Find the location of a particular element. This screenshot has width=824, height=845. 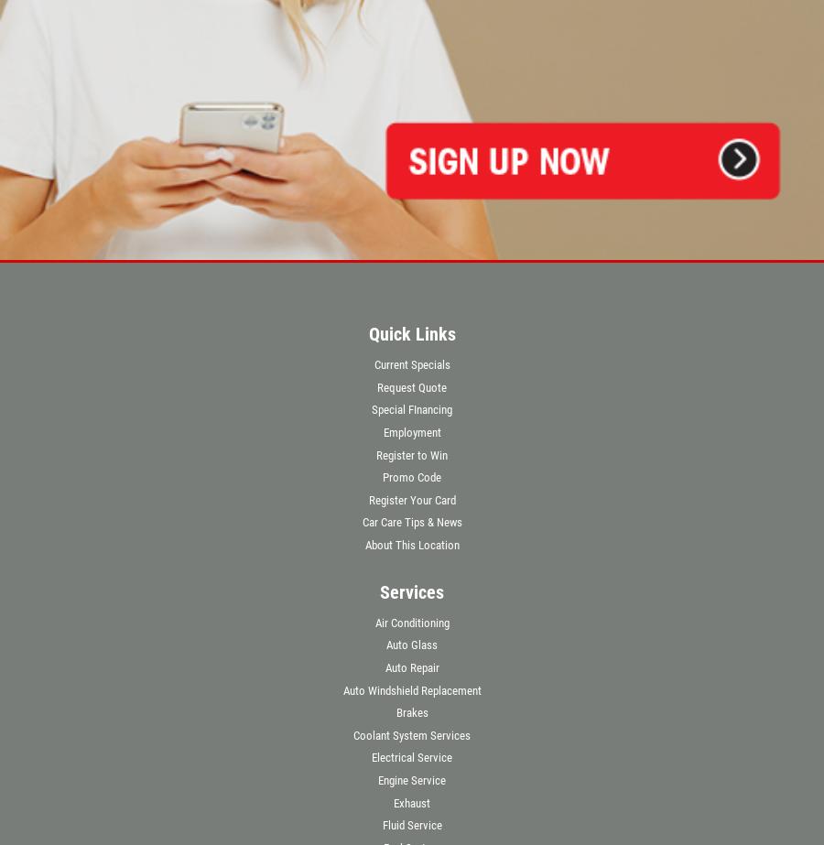

'Exhaust' is located at coordinates (412, 801).